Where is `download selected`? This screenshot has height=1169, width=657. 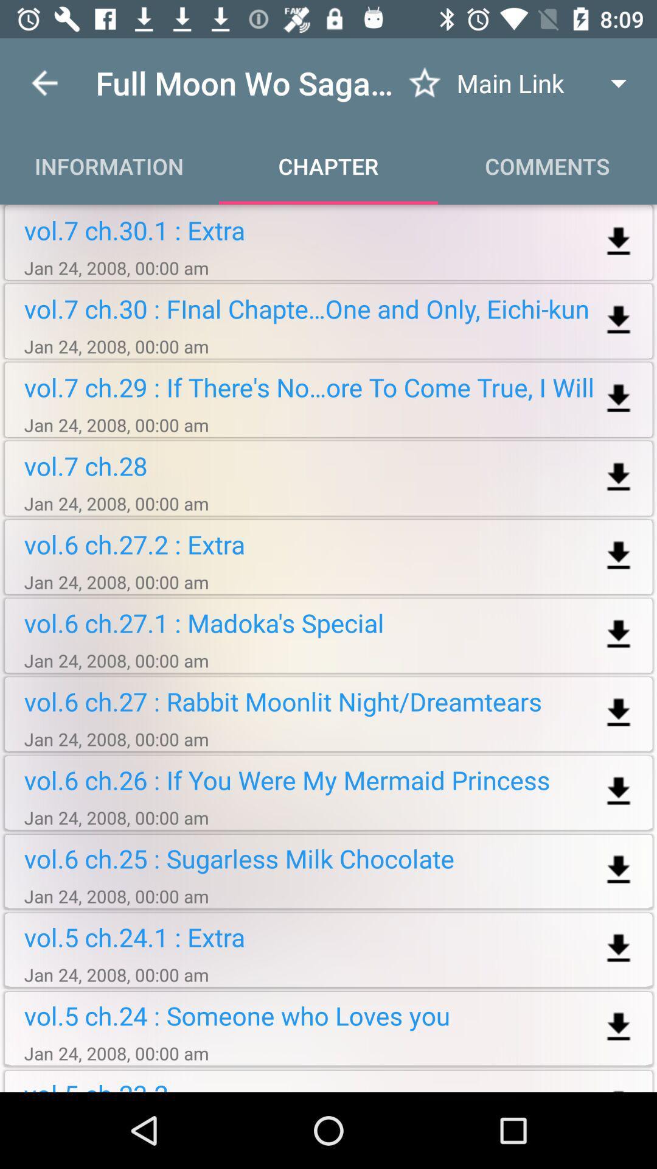 download selected is located at coordinates (619, 634).